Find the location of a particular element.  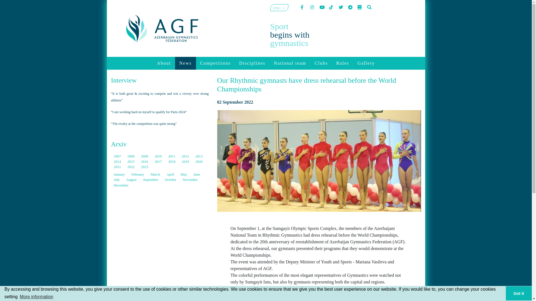

'2009' is located at coordinates (141, 156).